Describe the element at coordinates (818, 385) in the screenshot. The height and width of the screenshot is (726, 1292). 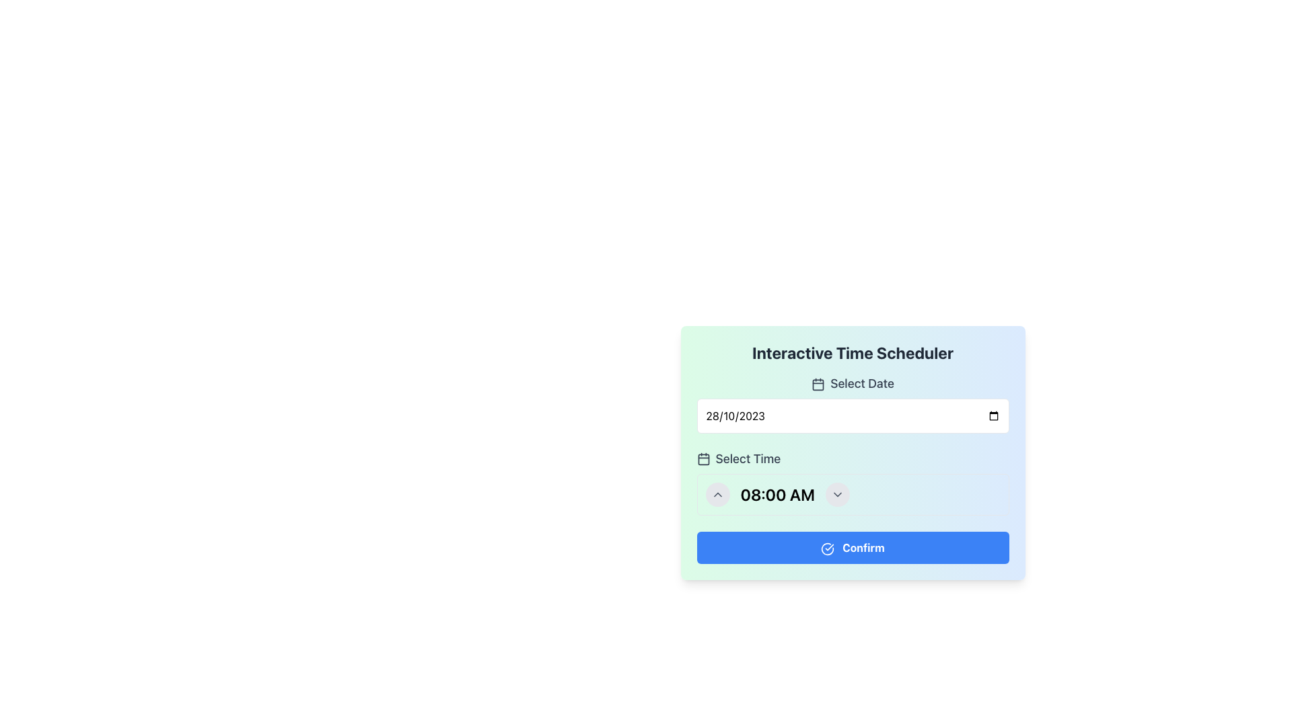
I see `the decorative graphic component of the calendar icon located to the left of the 'Select Date' label` at that location.